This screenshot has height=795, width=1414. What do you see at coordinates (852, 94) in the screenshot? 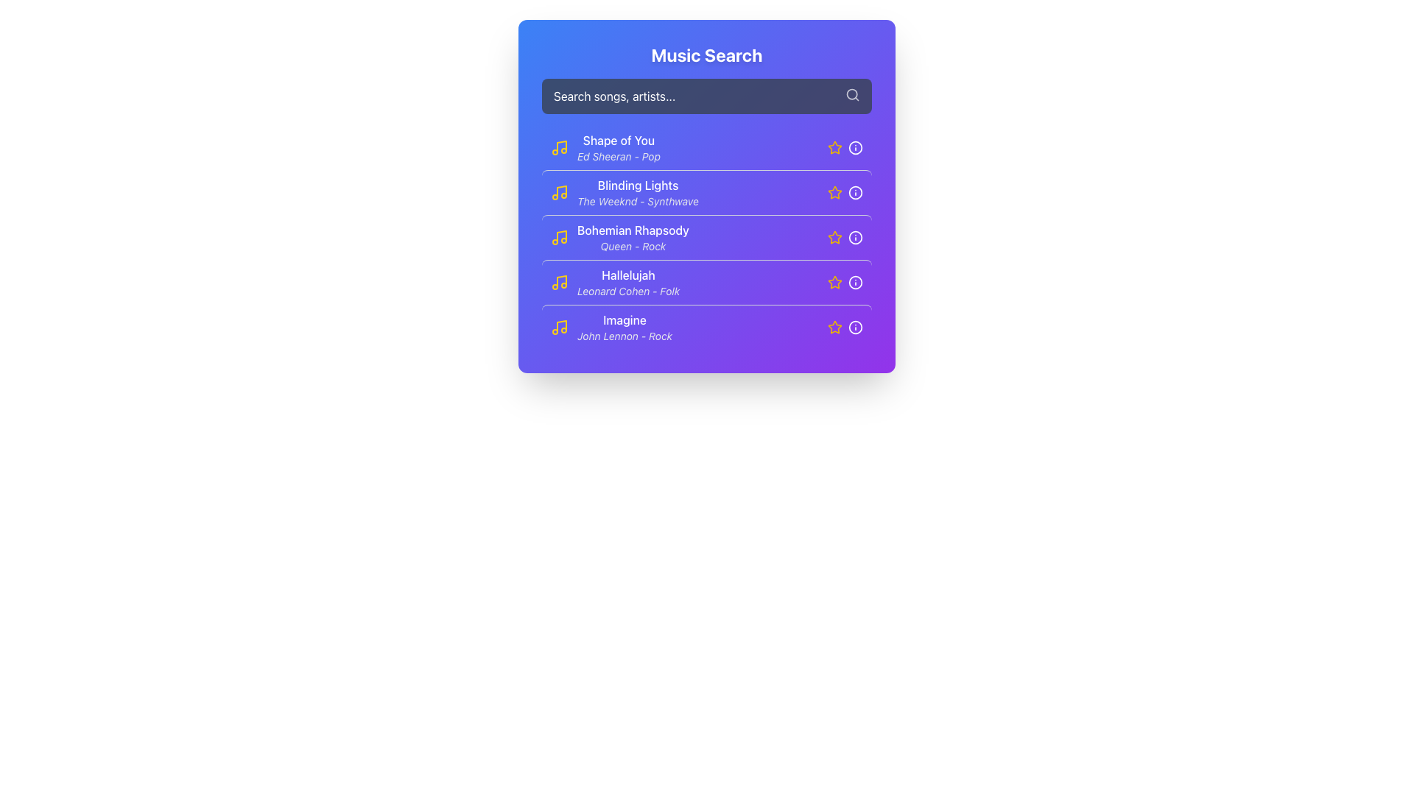
I see `the search icon located at the top-right corner of the search bar to initiate the search action` at bounding box center [852, 94].